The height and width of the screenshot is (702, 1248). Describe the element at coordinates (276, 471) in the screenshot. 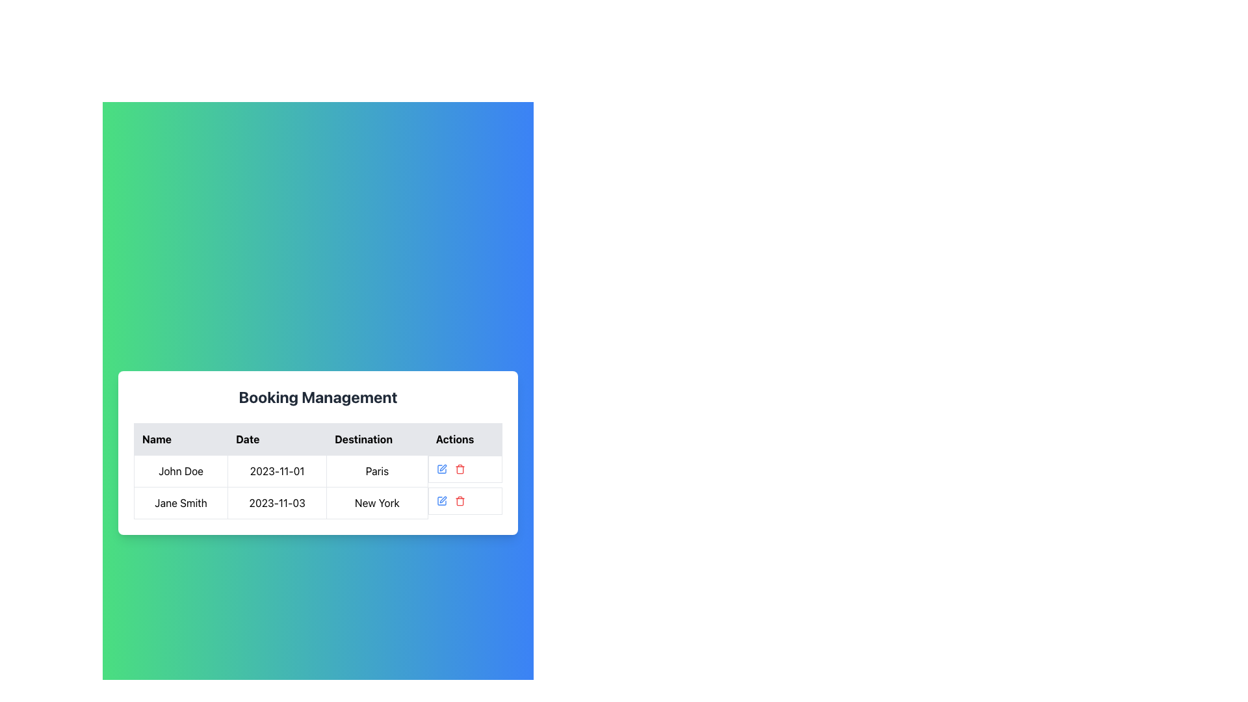

I see `the text display element showing '2023-11-01' in the table cell of the 'Booking Management' section, located in the second column of the first visible row` at that location.